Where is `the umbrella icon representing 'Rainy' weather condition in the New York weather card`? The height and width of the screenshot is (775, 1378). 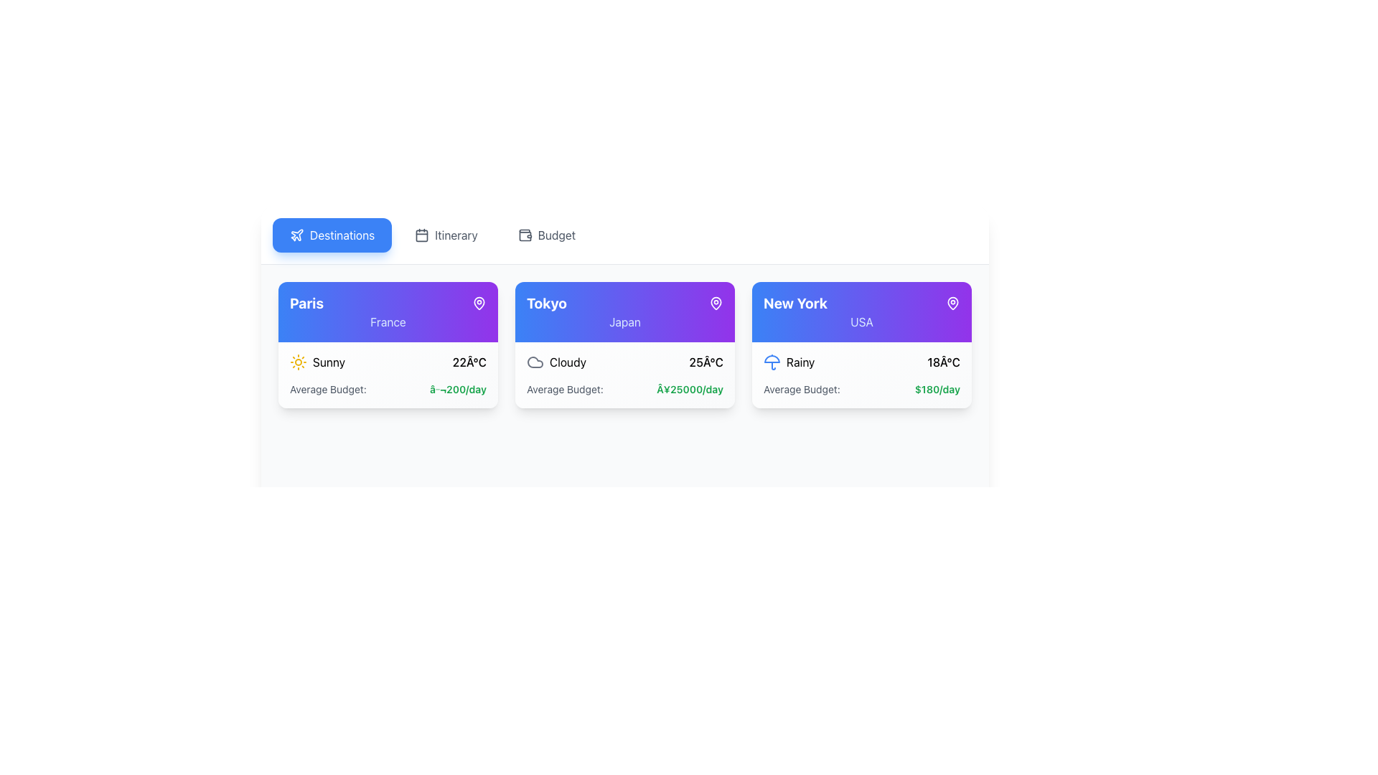
the umbrella icon representing 'Rainy' weather condition in the New York weather card is located at coordinates (771, 362).